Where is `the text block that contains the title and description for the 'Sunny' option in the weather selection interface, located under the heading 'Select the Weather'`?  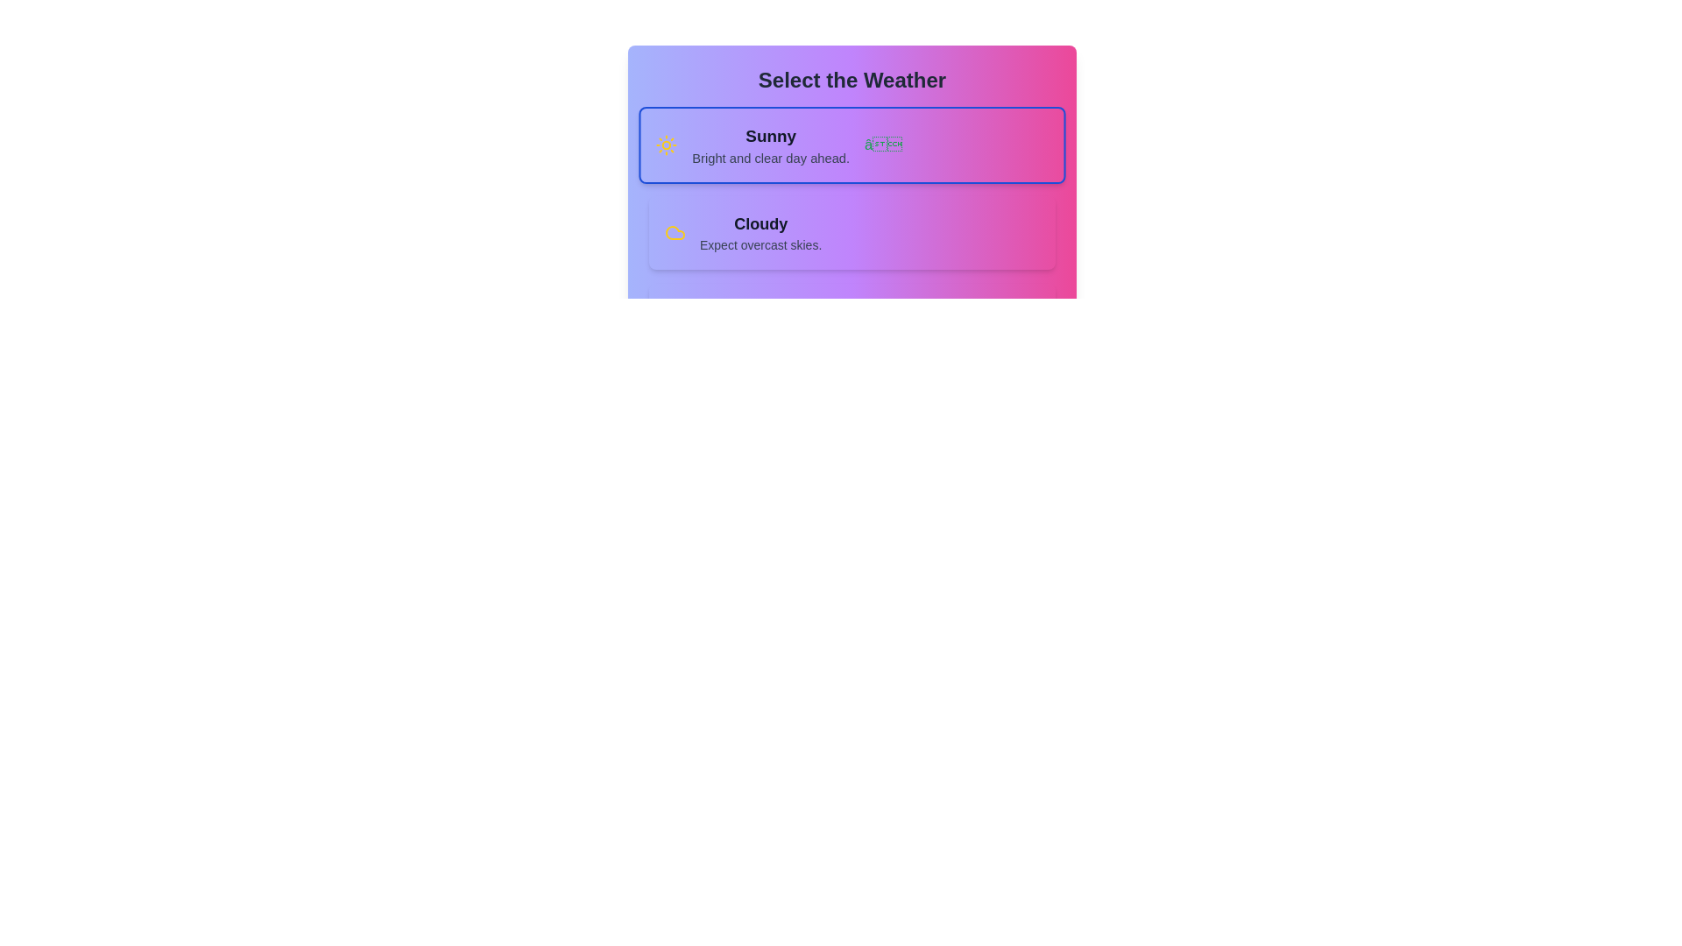 the text block that contains the title and description for the 'Sunny' option in the weather selection interface, located under the heading 'Select the Weather' is located at coordinates (771, 144).